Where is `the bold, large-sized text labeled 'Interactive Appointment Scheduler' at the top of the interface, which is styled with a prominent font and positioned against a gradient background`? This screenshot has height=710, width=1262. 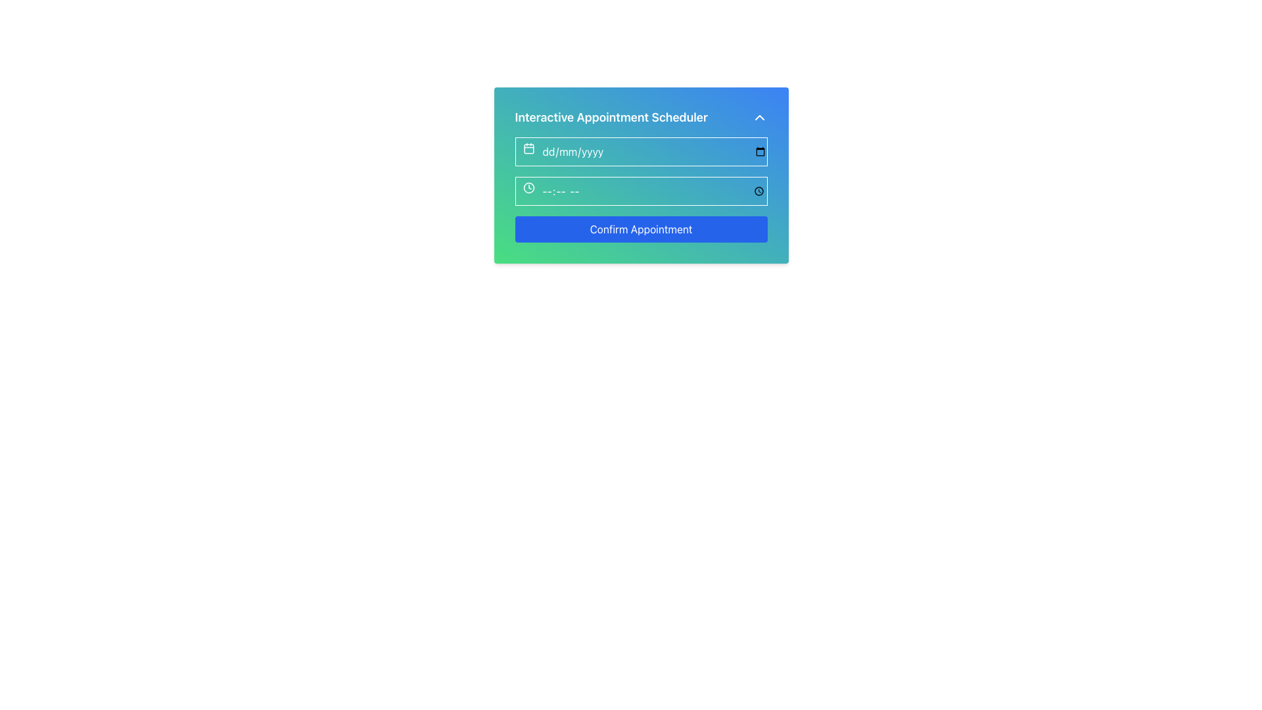 the bold, large-sized text labeled 'Interactive Appointment Scheduler' at the top of the interface, which is styled with a prominent font and positioned against a gradient background is located at coordinates (611, 116).